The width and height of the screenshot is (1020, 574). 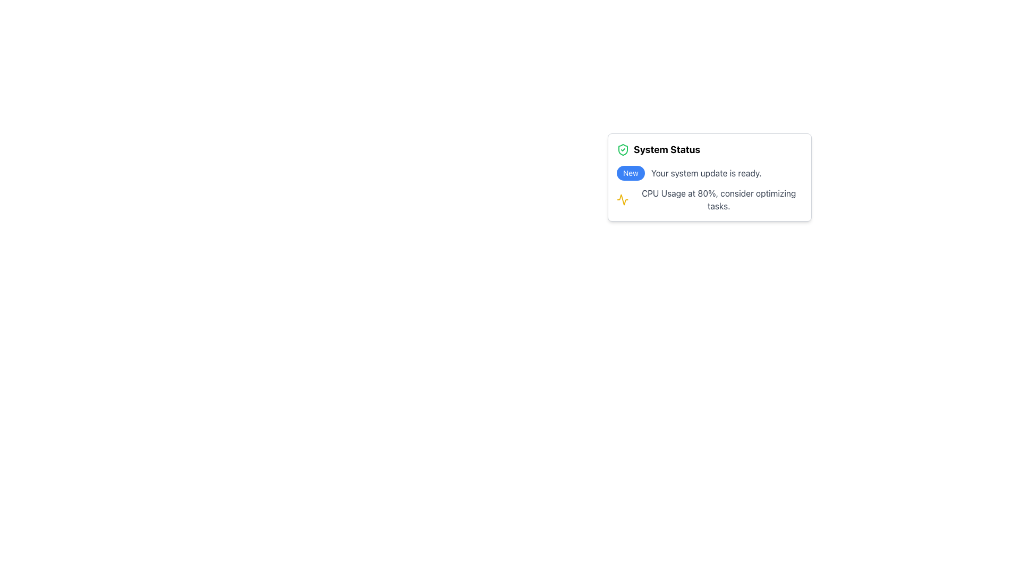 What do you see at coordinates (622, 199) in the screenshot?
I see `the yellow waveform icon located on the left side of the notification card that indicates 'CPU Usage at 80%, consider optimizing tasks.'` at bounding box center [622, 199].